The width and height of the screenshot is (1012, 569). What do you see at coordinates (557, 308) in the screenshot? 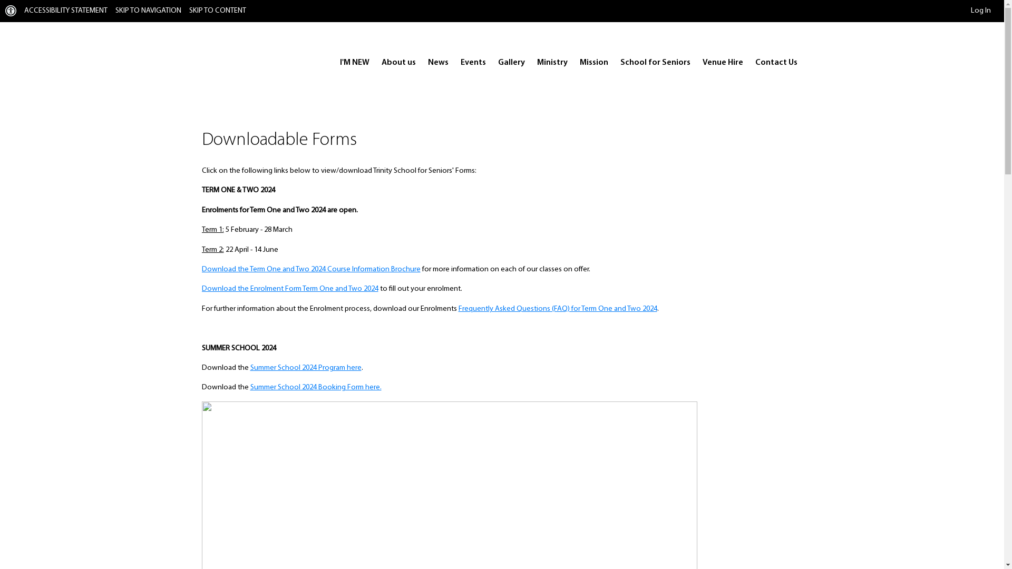
I see `'Frequently Asked Questions (FAQ) for Term One and Two 2024'` at bounding box center [557, 308].